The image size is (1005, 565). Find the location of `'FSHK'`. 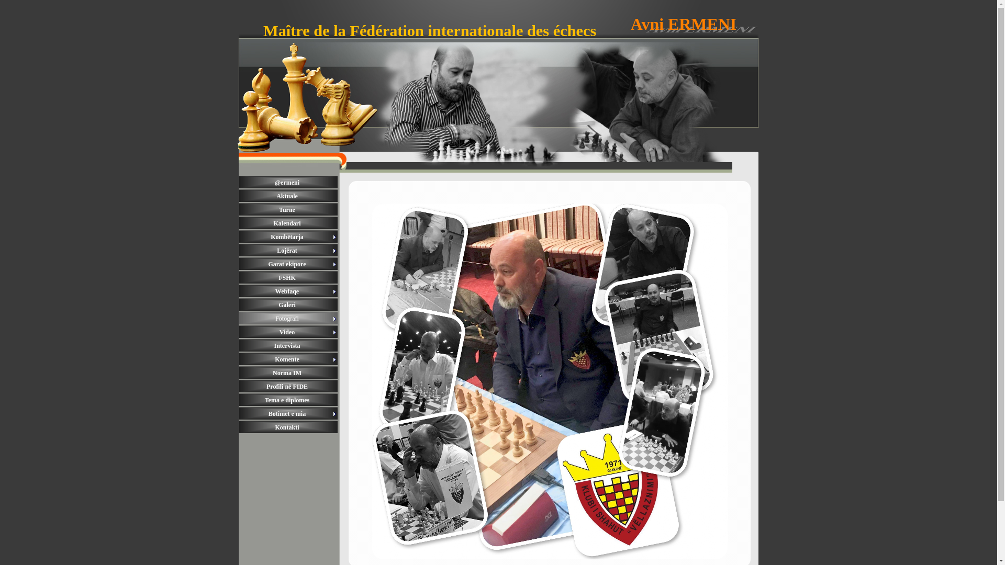

'FSHK' is located at coordinates (238, 277).